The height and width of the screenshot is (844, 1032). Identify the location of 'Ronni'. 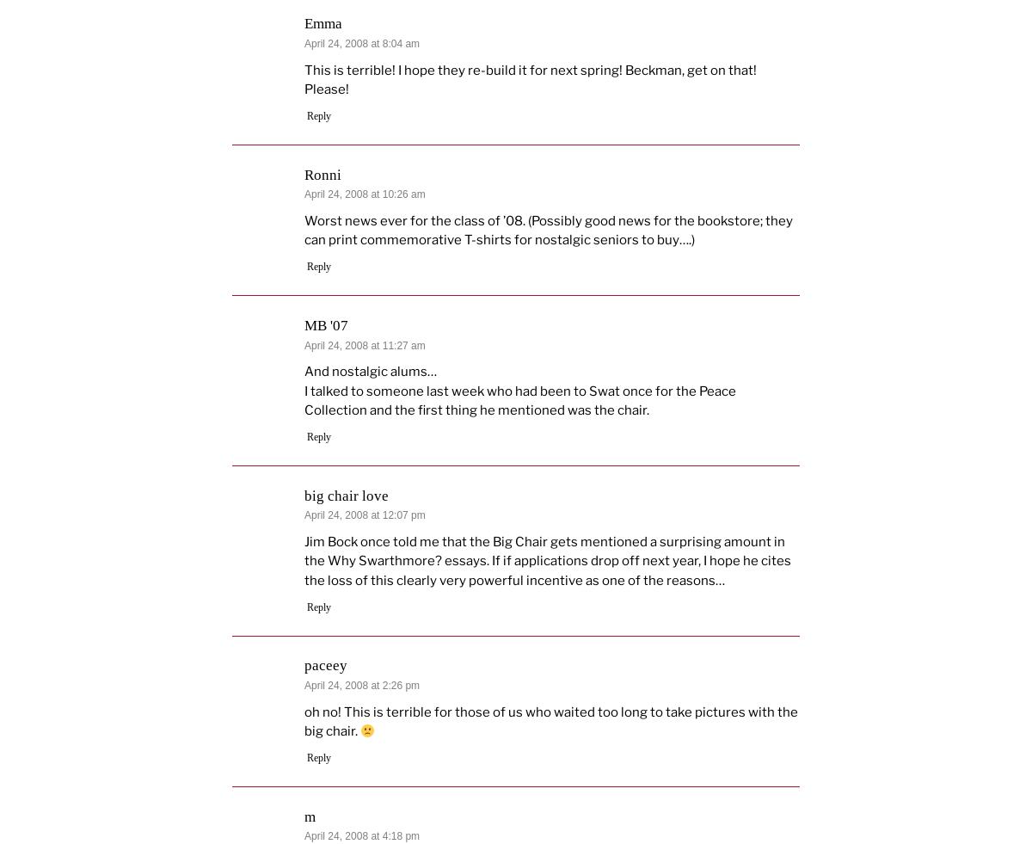
(322, 173).